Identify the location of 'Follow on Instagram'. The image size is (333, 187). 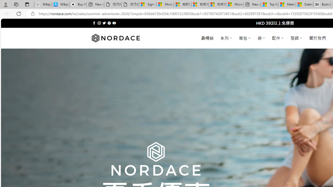
(99, 23).